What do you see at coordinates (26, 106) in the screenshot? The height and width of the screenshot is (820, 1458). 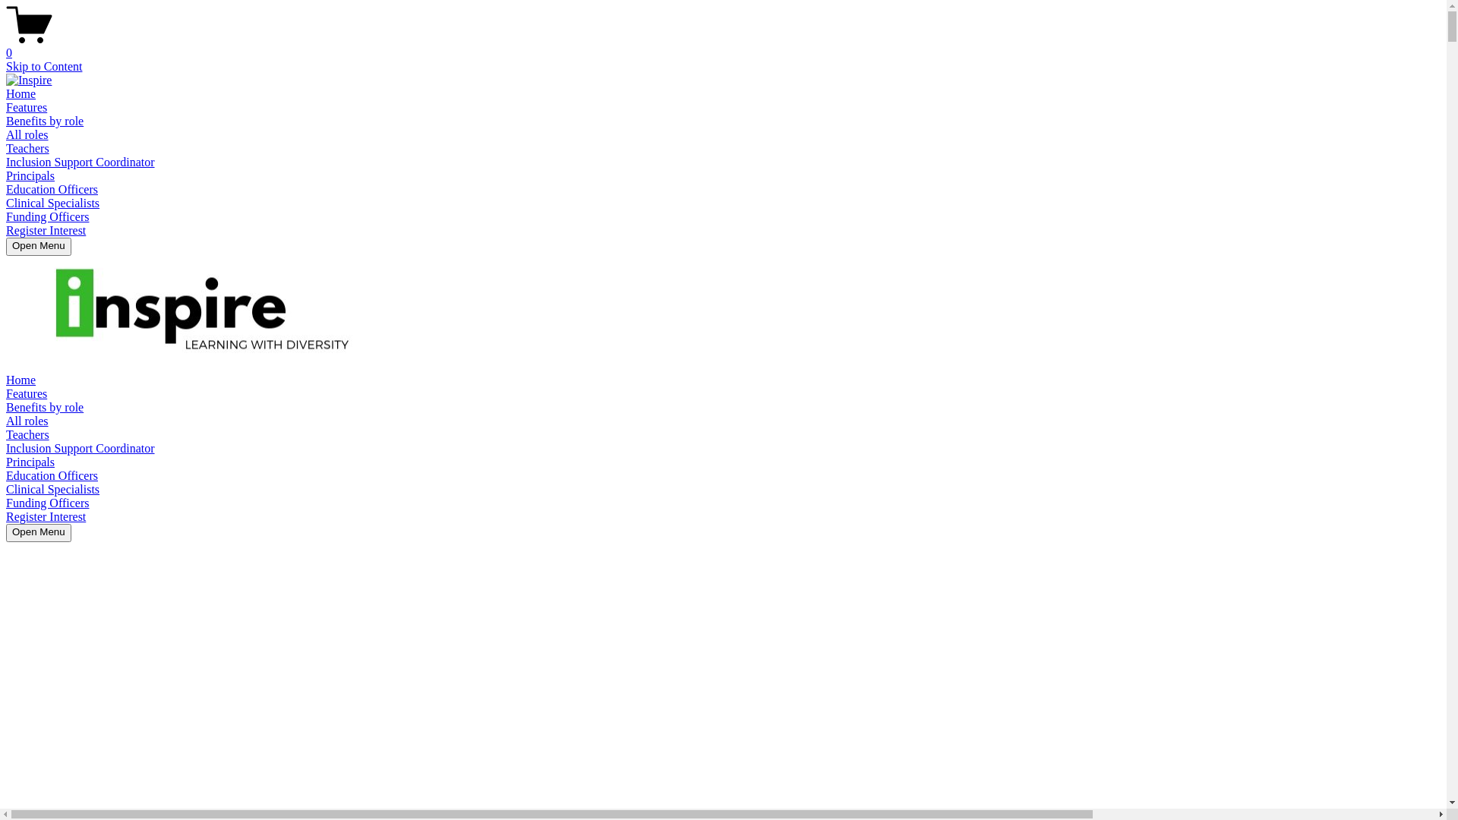 I see `'Features'` at bounding box center [26, 106].